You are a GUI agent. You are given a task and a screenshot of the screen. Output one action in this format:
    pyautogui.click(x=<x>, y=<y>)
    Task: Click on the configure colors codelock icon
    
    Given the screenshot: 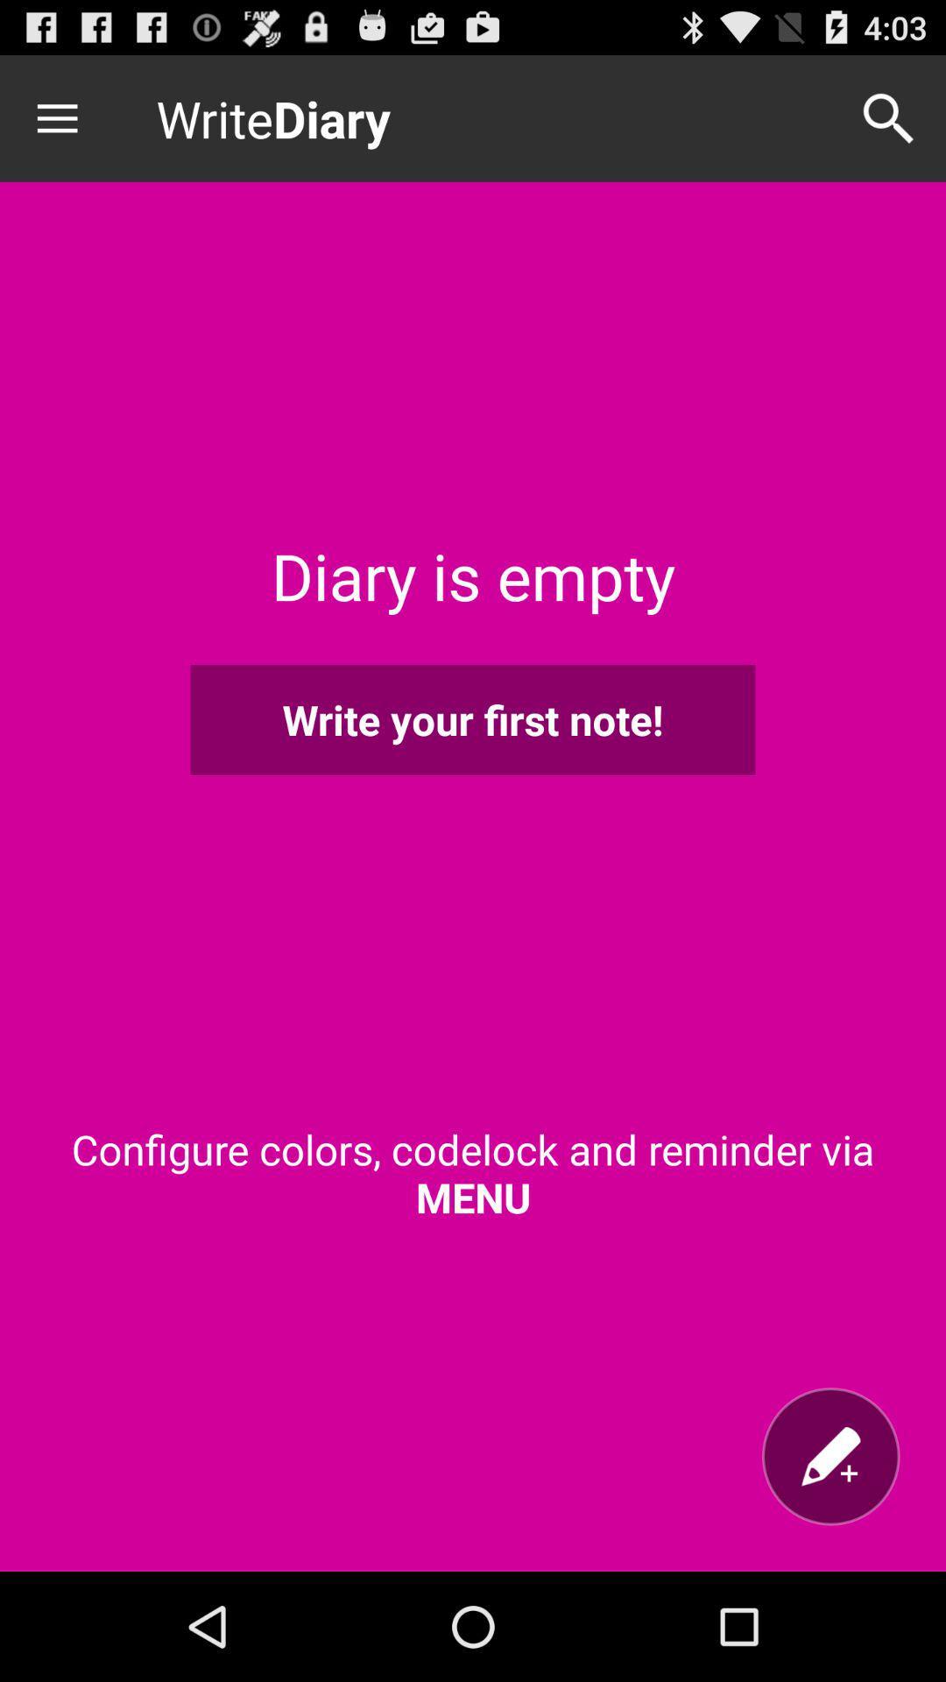 What is the action you would take?
    pyautogui.click(x=473, y=1173)
    